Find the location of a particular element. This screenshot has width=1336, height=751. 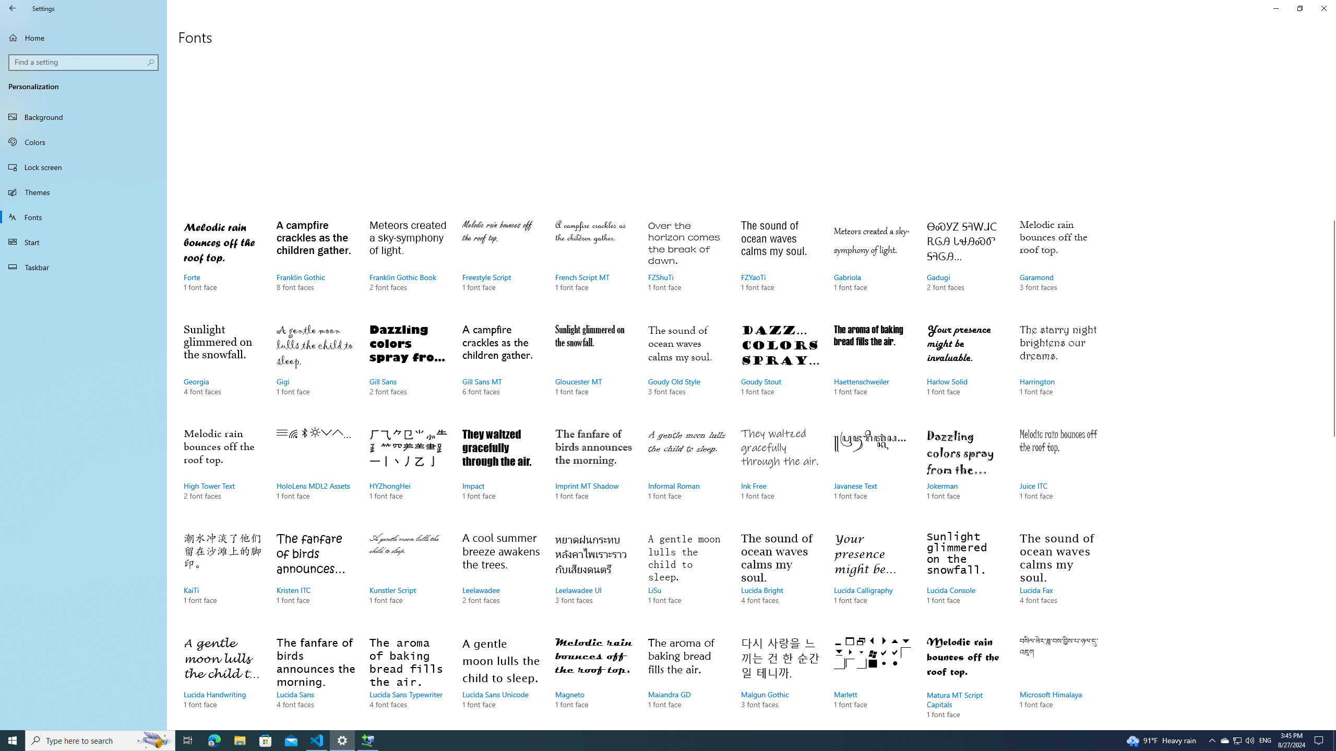

'Microsoft Store' is located at coordinates (266, 740).